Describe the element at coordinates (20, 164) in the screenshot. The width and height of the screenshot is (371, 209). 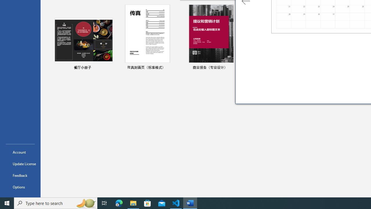
I see `'Update License'` at that location.